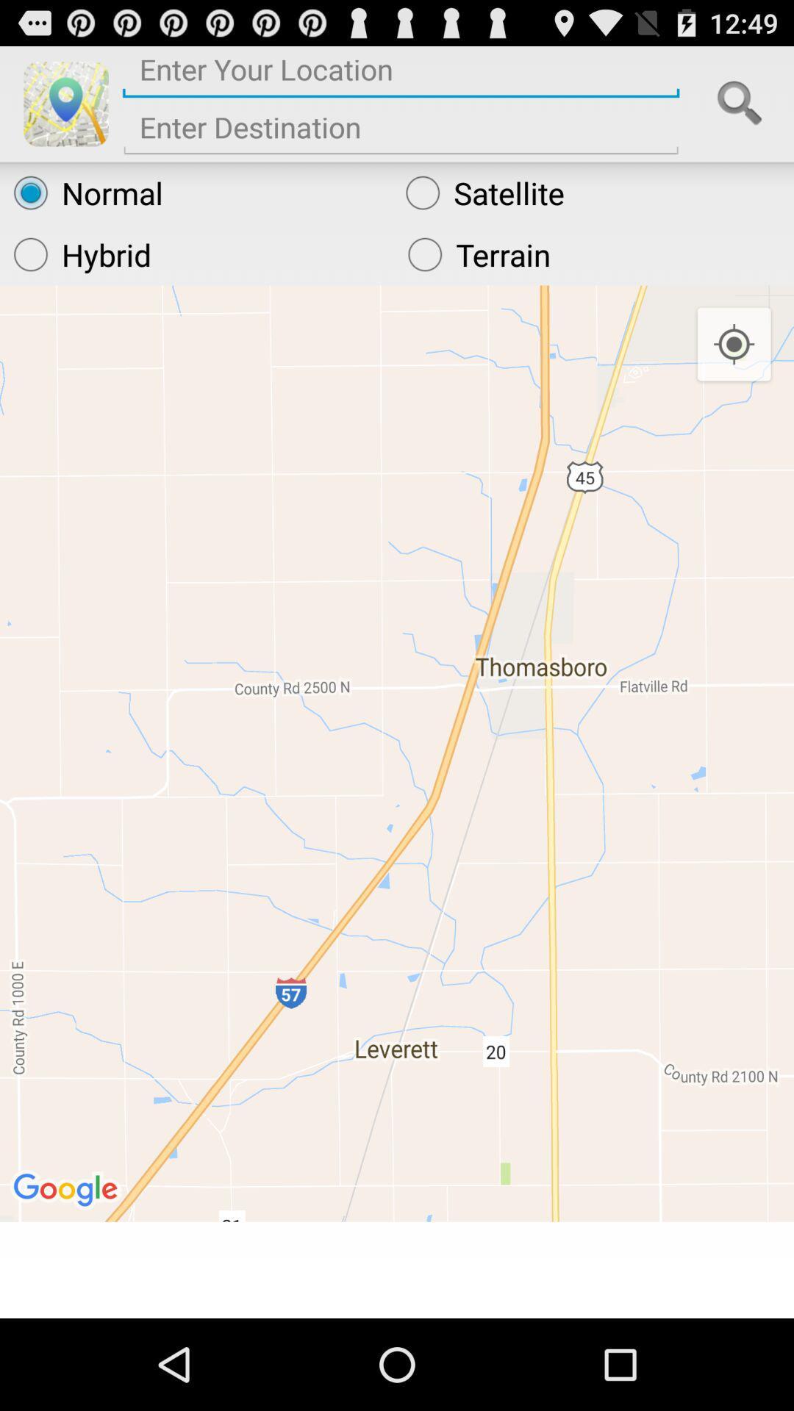 Image resolution: width=794 pixels, height=1411 pixels. Describe the element at coordinates (196, 254) in the screenshot. I see `radio button below the normal` at that location.